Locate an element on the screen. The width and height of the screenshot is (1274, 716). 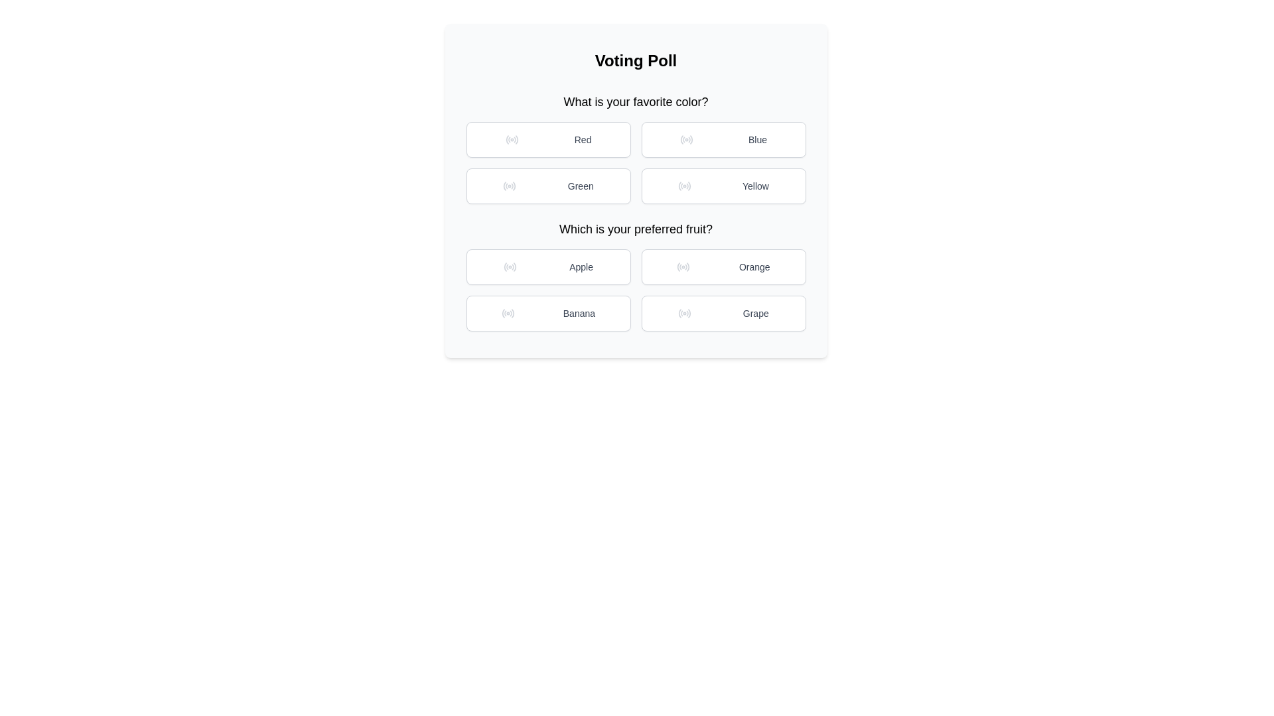
text label that indicates 'Blue' as the user's favorite color option in the poll interface, positioned in the second option group under the question 'What is your favorite color?' is located at coordinates (758, 140).